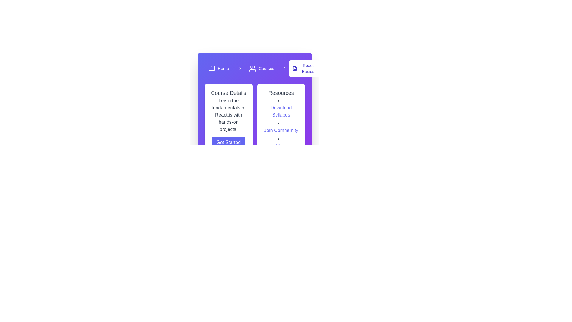  Describe the element at coordinates (281, 108) in the screenshot. I see `the 'Download Syllabus' hyperlink, which is the first item in the vertical list of resources styled as a link in blue with an underline hover effect` at that location.